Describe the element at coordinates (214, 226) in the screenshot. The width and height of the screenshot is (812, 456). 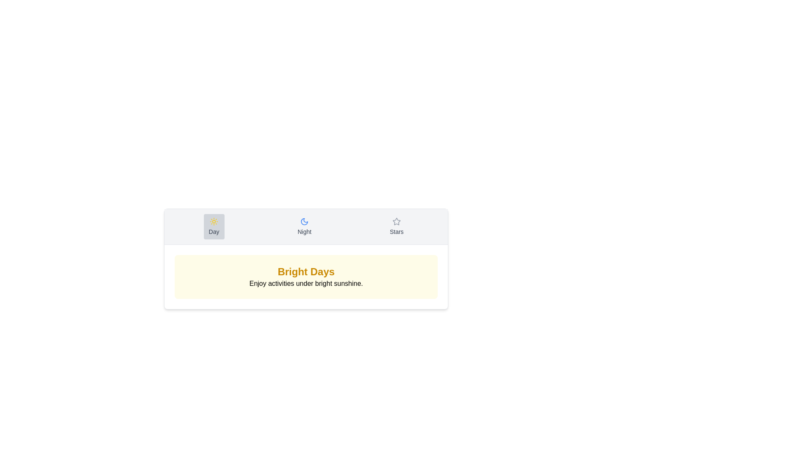
I see `the tab corresponding to Day` at that location.